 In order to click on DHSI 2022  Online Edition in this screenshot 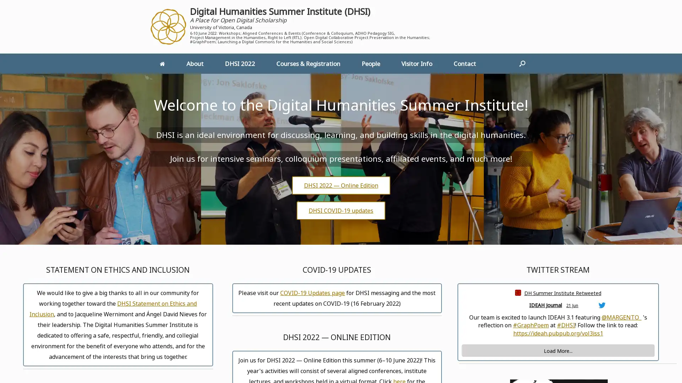, I will do `click(340, 184)`.